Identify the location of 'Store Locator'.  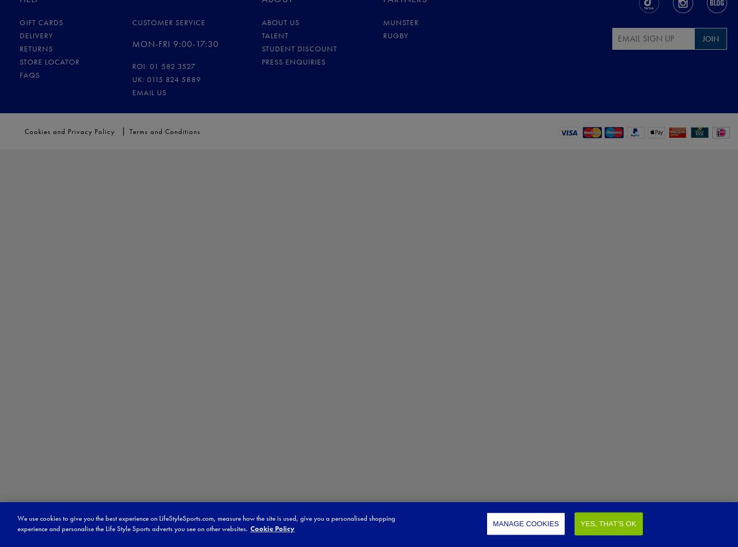
(49, 61).